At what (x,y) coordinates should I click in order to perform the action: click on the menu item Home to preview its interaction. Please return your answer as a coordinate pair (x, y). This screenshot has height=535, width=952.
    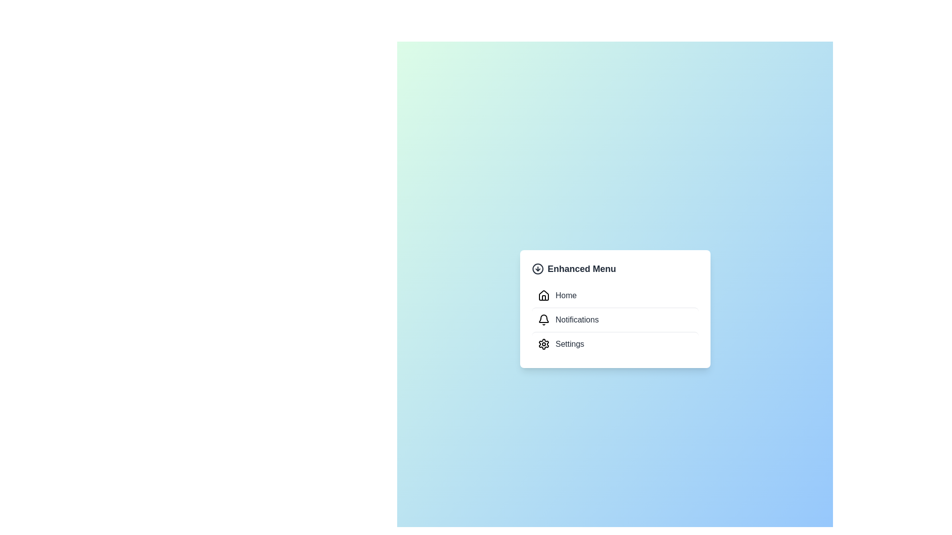
    Looking at the image, I should click on (614, 295).